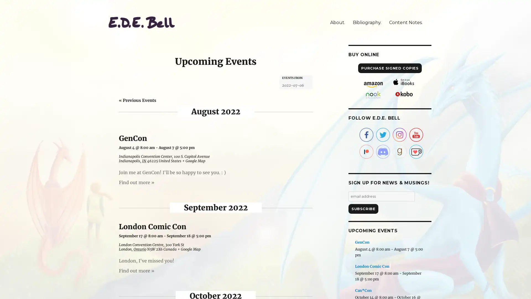 Image resolution: width=531 pixels, height=299 pixels. What do you see at coordinates (363, 209) in the screenshot?
I see `Subscribe` at bounding box center [363, 209].